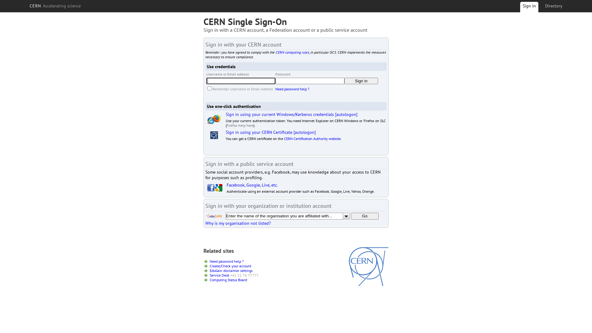 This screenshot has height=333, width=592. I want to click on 'EduGain disclaimer settings', so click(231, 270).